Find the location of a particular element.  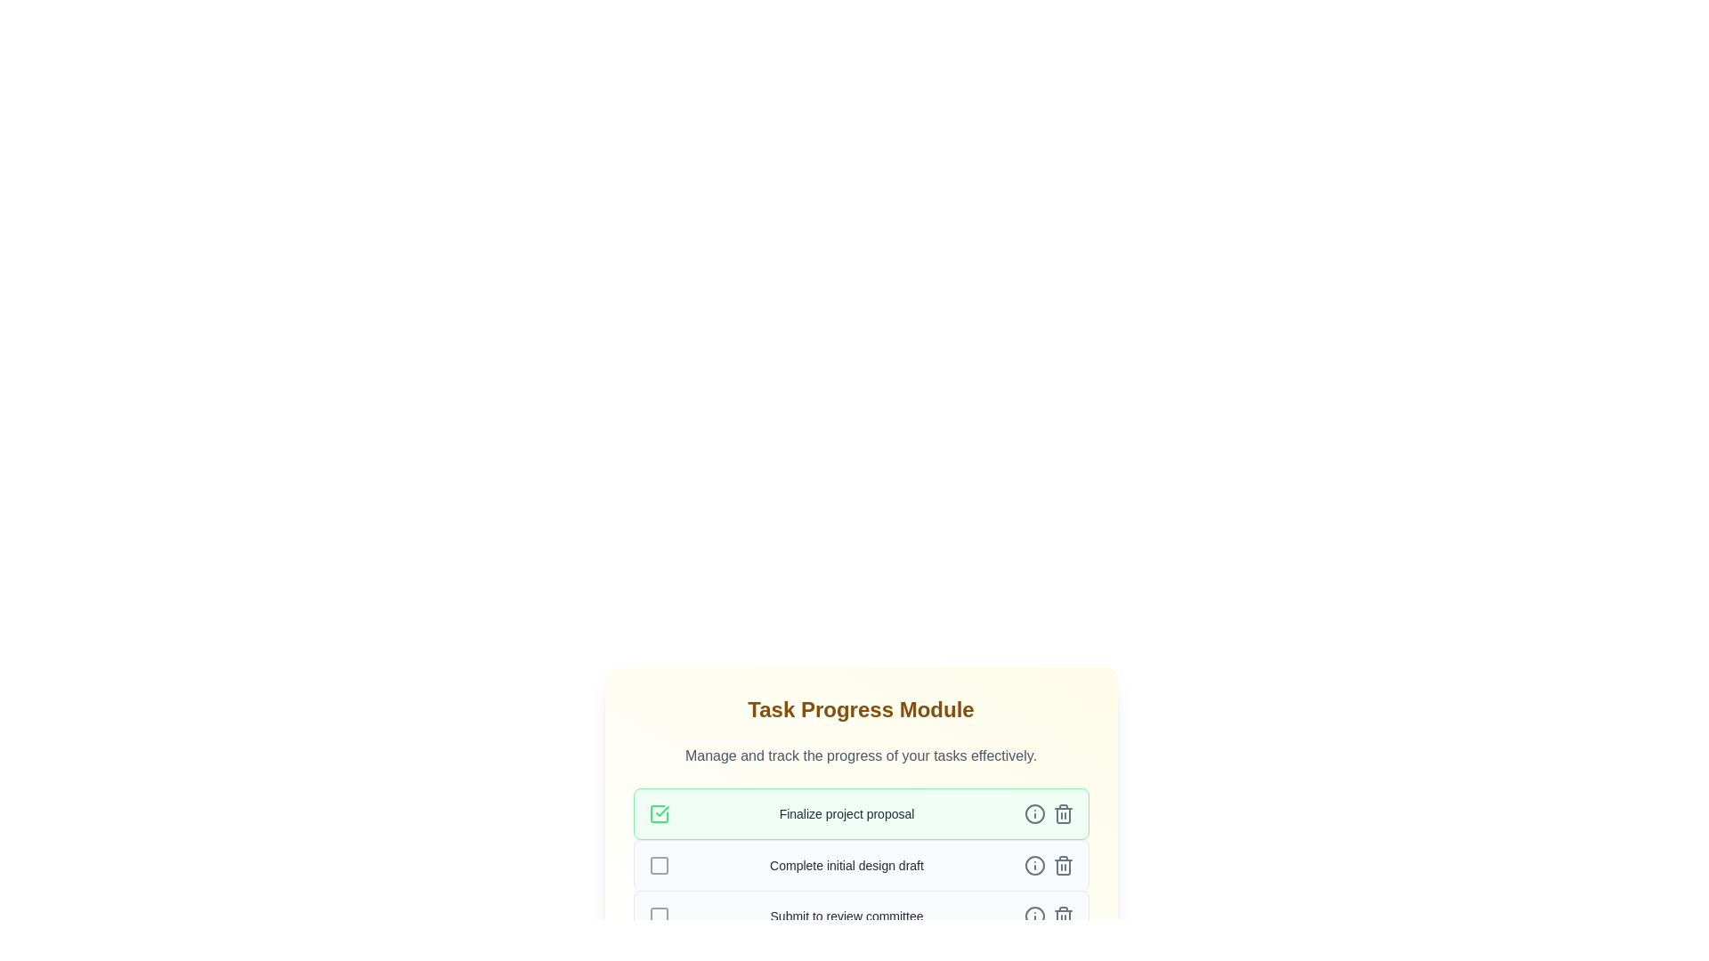

the circular outline icon located to the right of the 'Finalize project proposal' task in the interface is located at coordinates (1034, 813).